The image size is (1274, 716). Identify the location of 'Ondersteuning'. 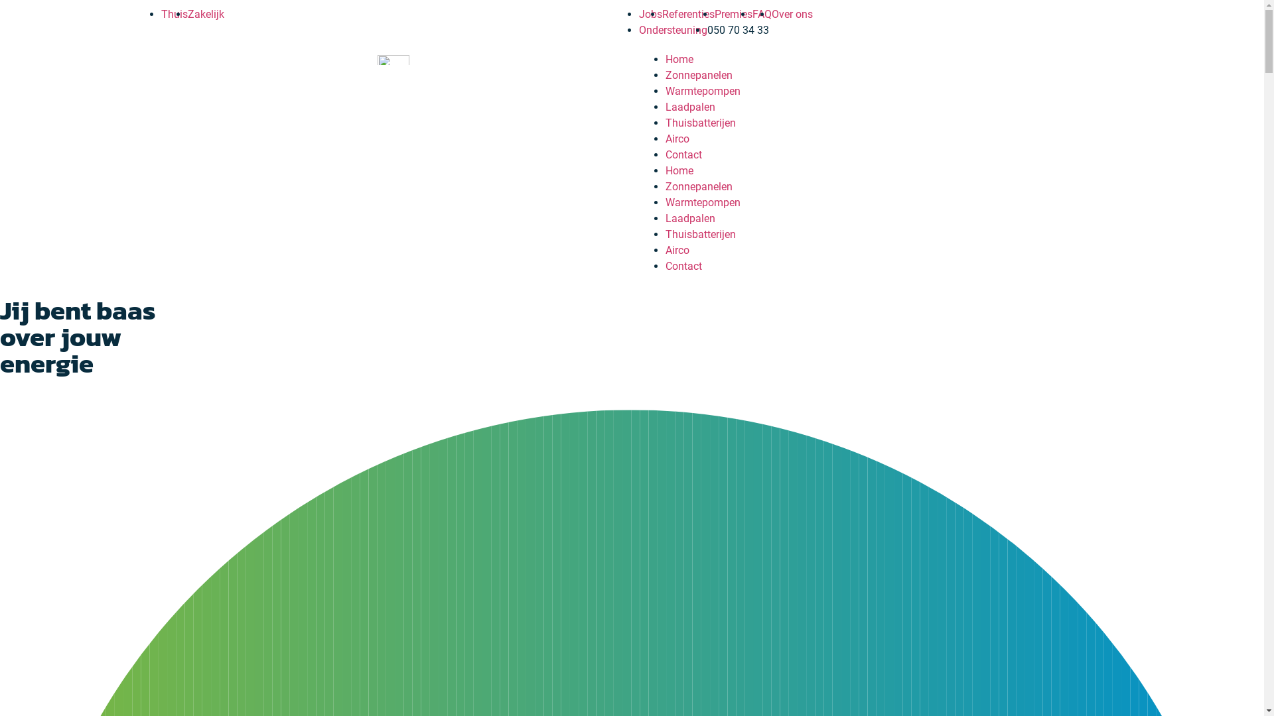
(672, 30).